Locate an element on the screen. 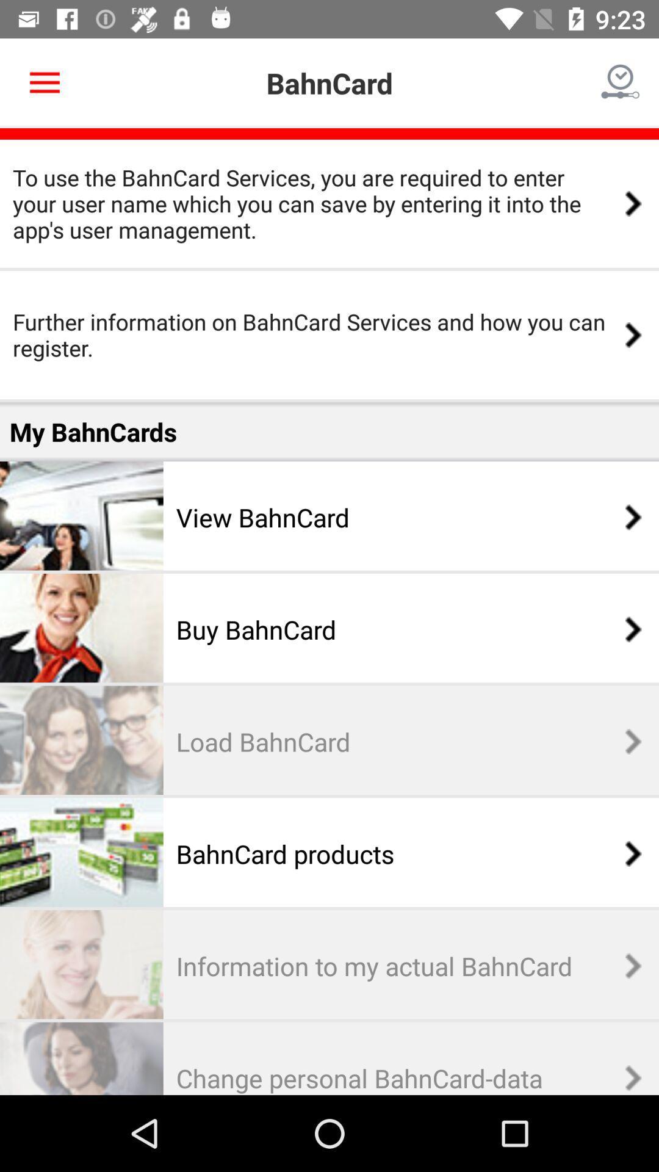  the next button which is after bahncard products on the page is located at coordinates (627, 853).